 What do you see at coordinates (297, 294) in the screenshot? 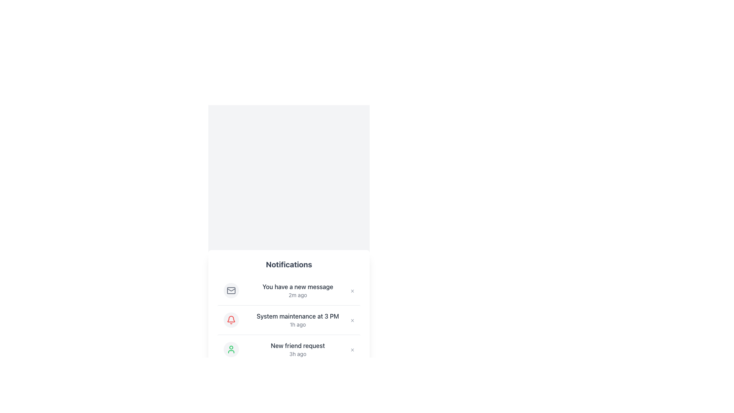
I see `the timestamp text indicating '2 minutes ago' located in the lower-right corner of the notification block containing 'You have a new message'` at bounding box center [297, 294].